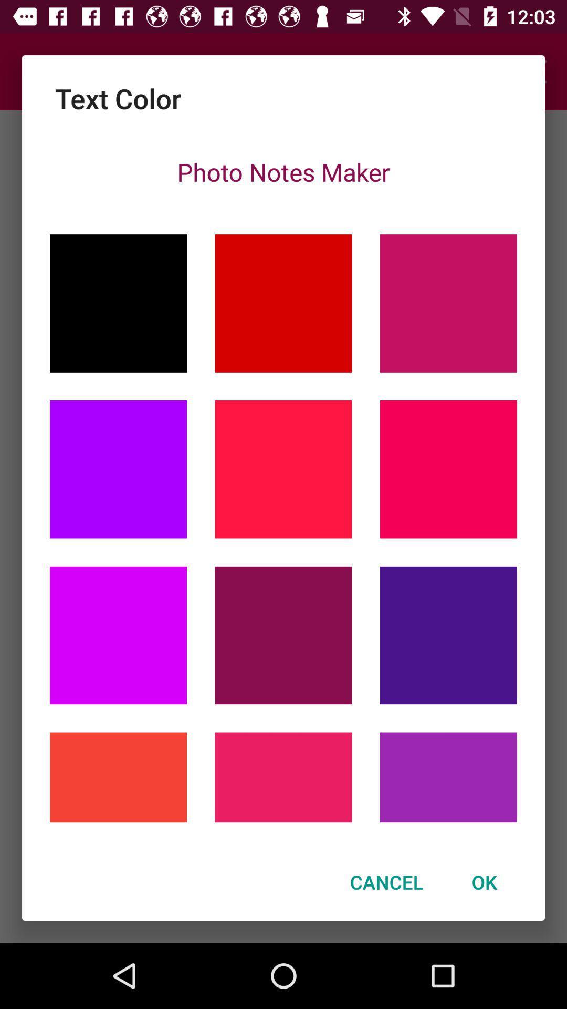 The image size is (567, 1009). Describe the element at coordinates (386, 882) in the screenshot. I see `the icon to the left of ok icon` at that location.